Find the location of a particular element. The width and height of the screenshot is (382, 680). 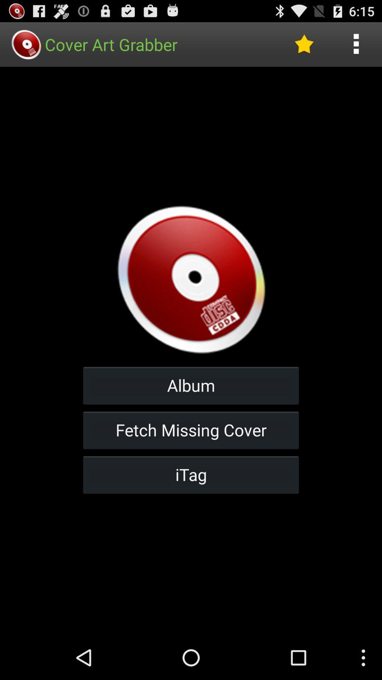

the icon below fetch missing cover item is located at coordinates (191, 475).